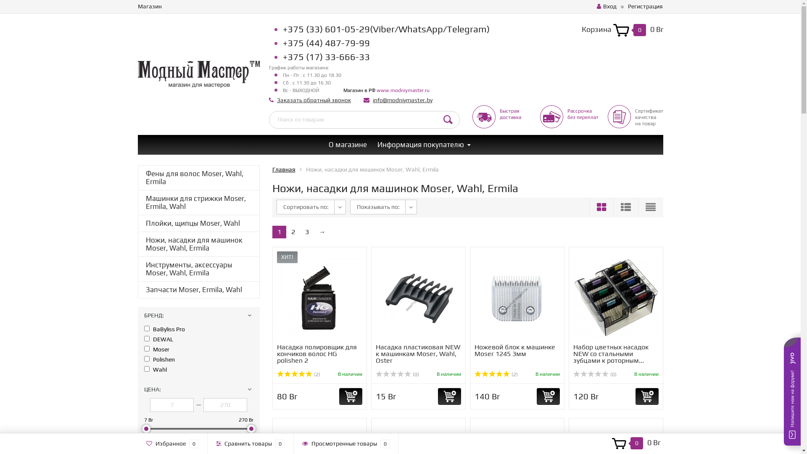 The width and height of the screenshot is (807, 454). What do you see at coordinates (279, 232) in the screenshot?
I see `'1'` at bounding box center [279, 232].